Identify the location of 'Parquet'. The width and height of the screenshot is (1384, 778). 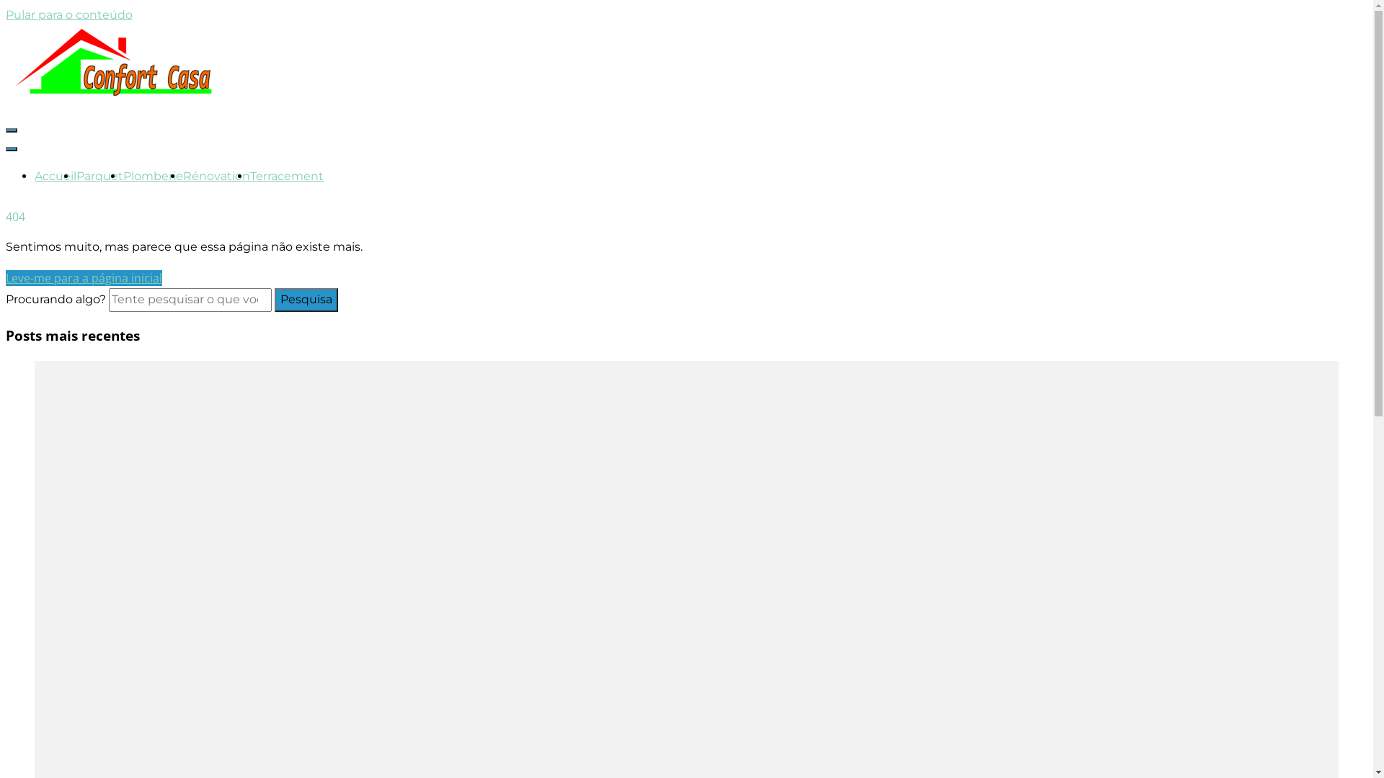
(99, 175).